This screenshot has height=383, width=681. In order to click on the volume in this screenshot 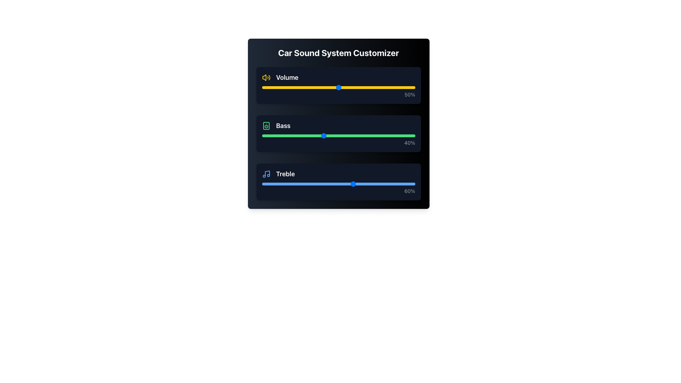, I will do `click(280, 87)`.